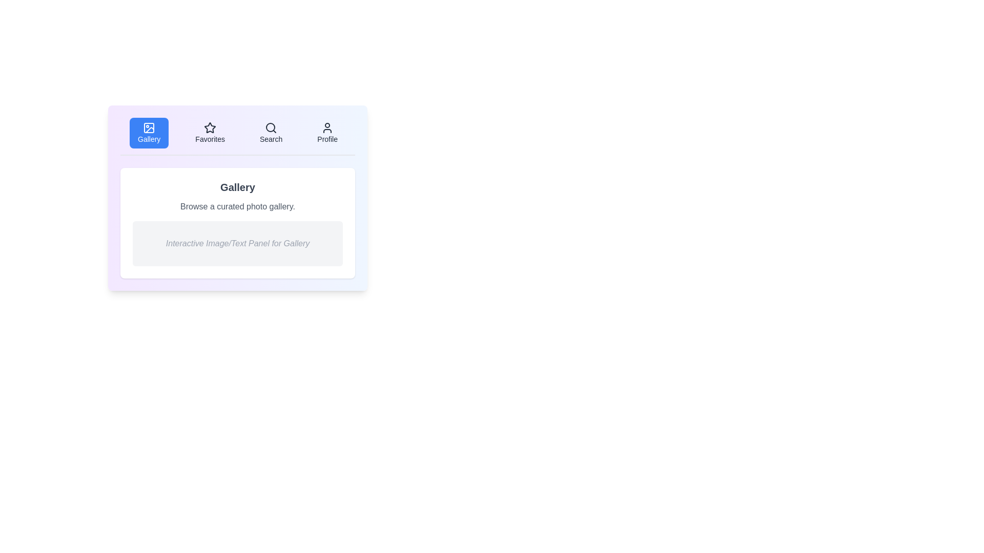  I want to click on the tab icon for Gallery, so click(149, 127).